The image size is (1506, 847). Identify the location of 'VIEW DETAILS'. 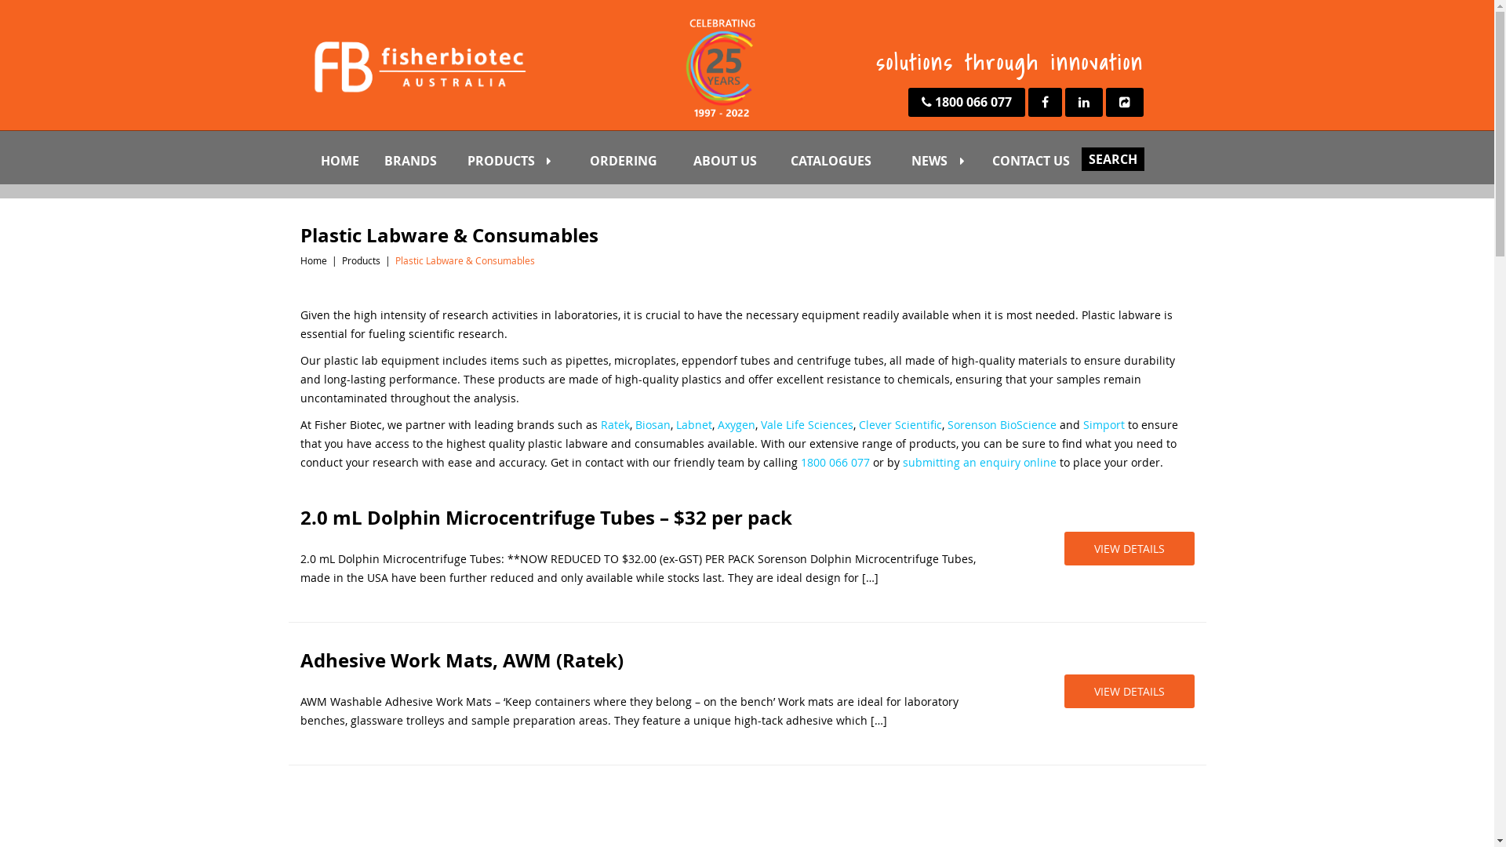
(1128, 547).